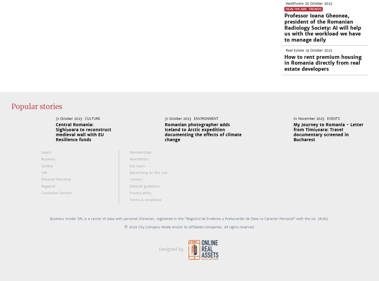 Image resolution: width=379 pixels, height=281 pixels. I want to click on 'Healthcare Trends', so click(285, 9).